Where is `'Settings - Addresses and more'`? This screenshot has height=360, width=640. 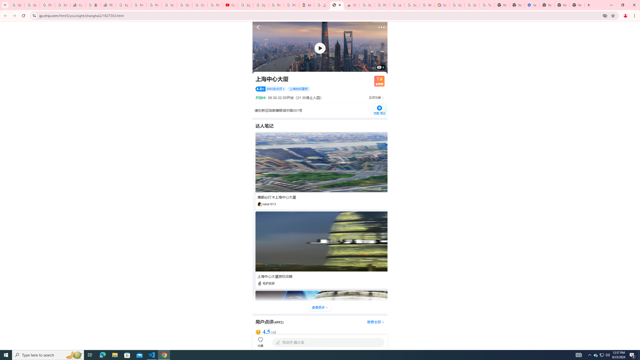 'Settings - Addresses and more' is located at coordinates (532, 5).